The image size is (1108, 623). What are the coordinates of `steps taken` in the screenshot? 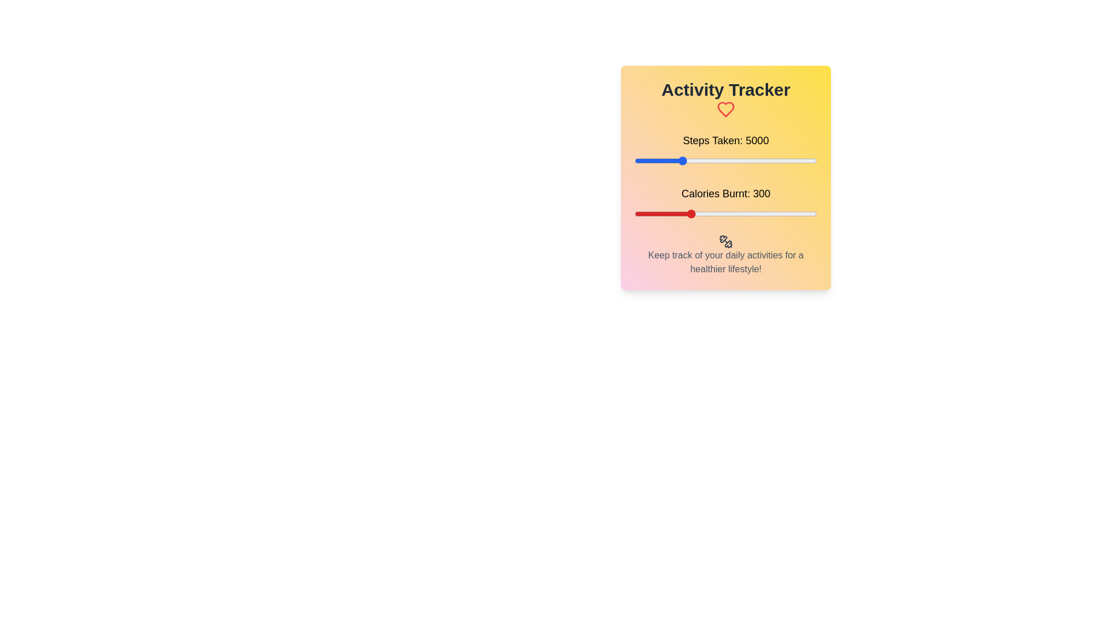 It's located at (652, 160).